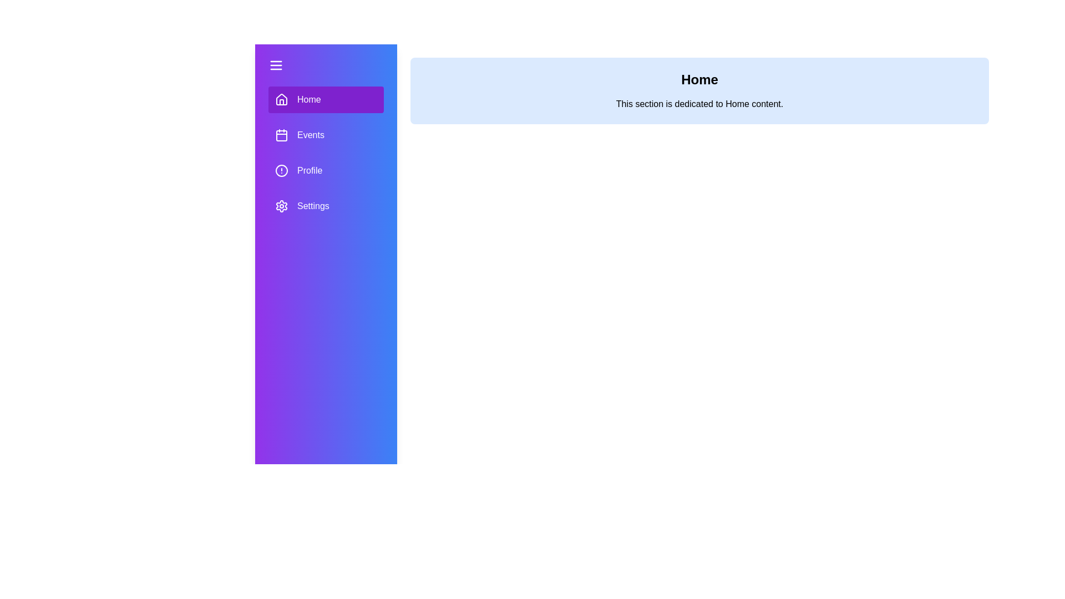 The width and height of the screenshot is (1065, 599). What do you see at coordinates (282, 98) in the screenshot?
I see `the house-shaped icon in the sidebar menu located at the topmost position, directly to the left of the 'Home' label` at bounding box center [282, 98].